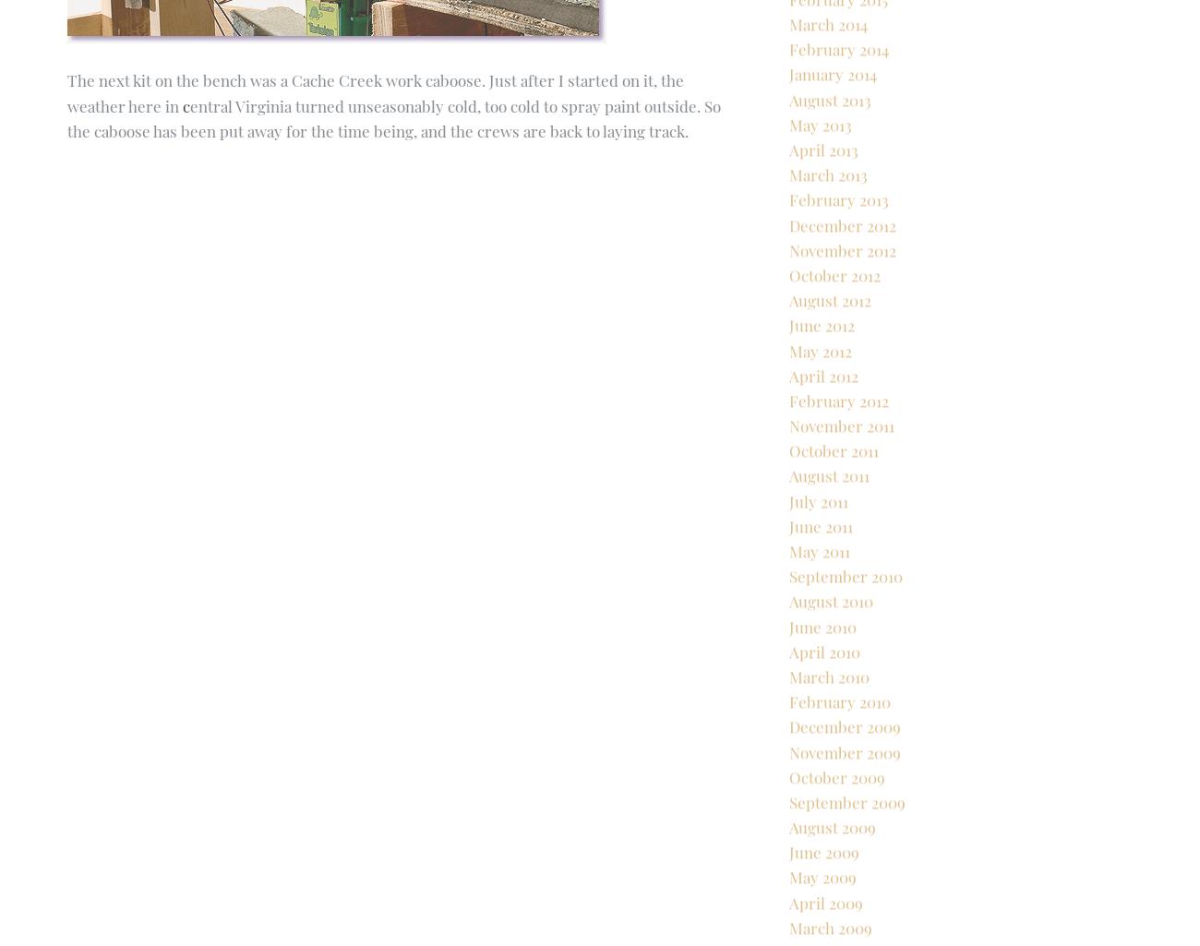 The width and height of the screenshot is (1200, 946). Describe the element at coordinates (837, 463) in the screenshot. I see `'February 2012'` at that location.